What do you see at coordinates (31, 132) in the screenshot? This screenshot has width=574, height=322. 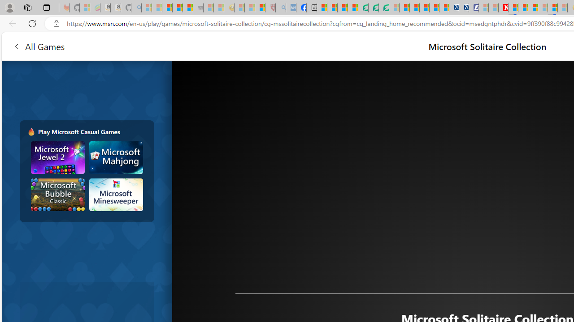 I see `'Fire icon'` at bounding box center [31, 132].